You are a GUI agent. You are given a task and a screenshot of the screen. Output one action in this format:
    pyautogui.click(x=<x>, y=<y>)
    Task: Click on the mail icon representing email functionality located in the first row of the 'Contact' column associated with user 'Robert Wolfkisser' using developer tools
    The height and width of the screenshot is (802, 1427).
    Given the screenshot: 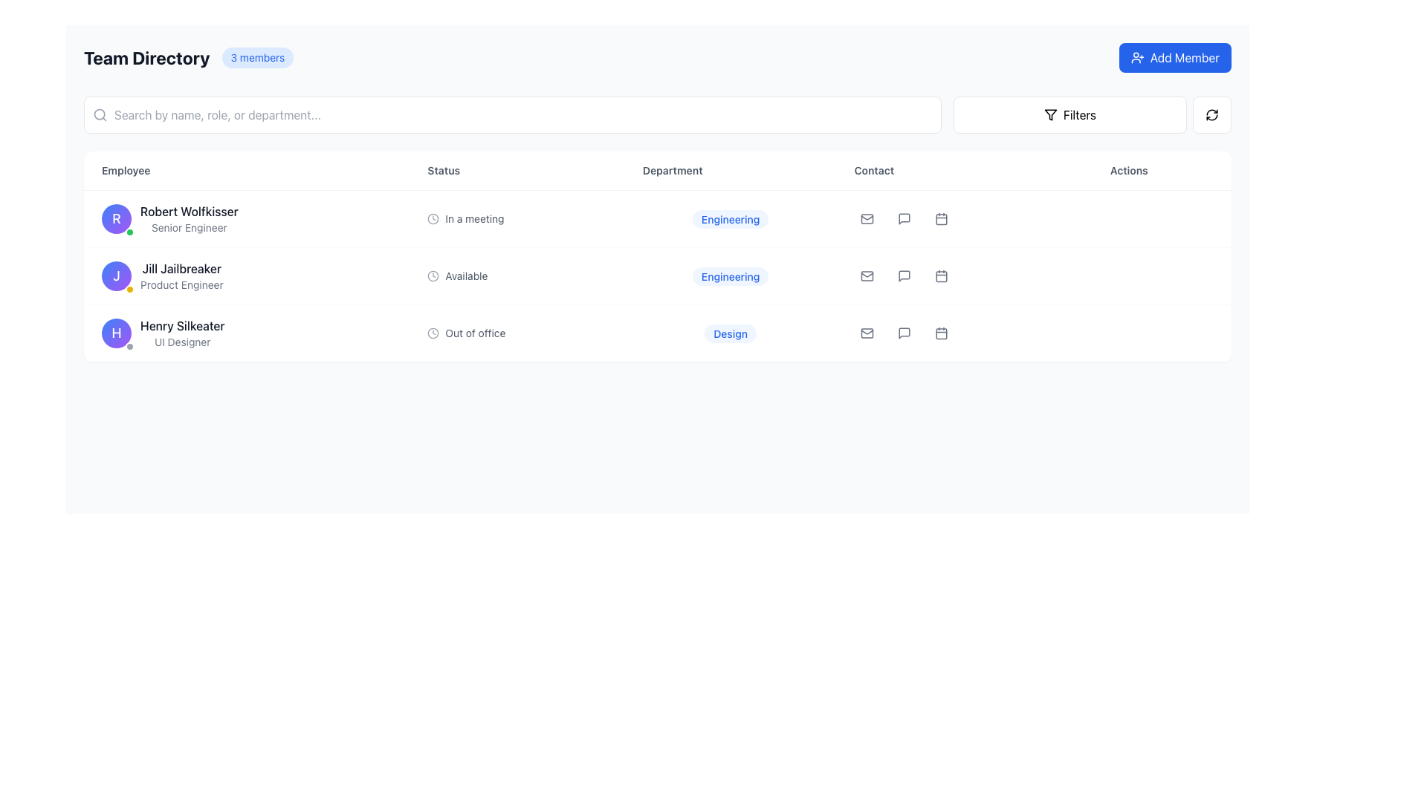 What is the action you would take?
    pyautogui.click(x=867, y=218)
    